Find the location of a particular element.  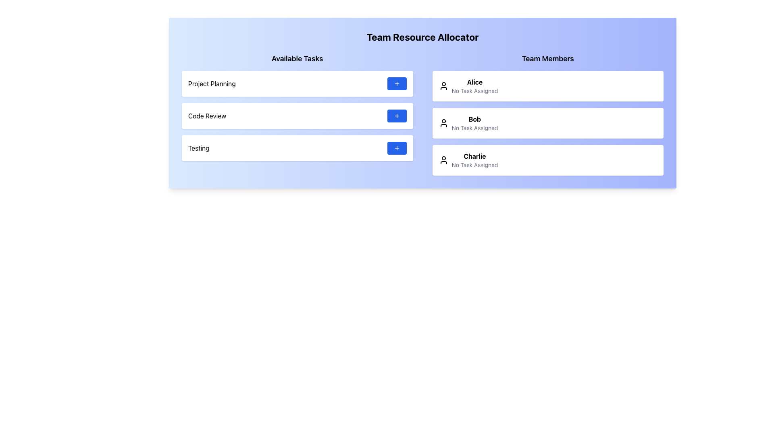

the SVG icon that indicates the button for adding a new task in the 'Available Tasks' section is located at coordinates (397, 148).